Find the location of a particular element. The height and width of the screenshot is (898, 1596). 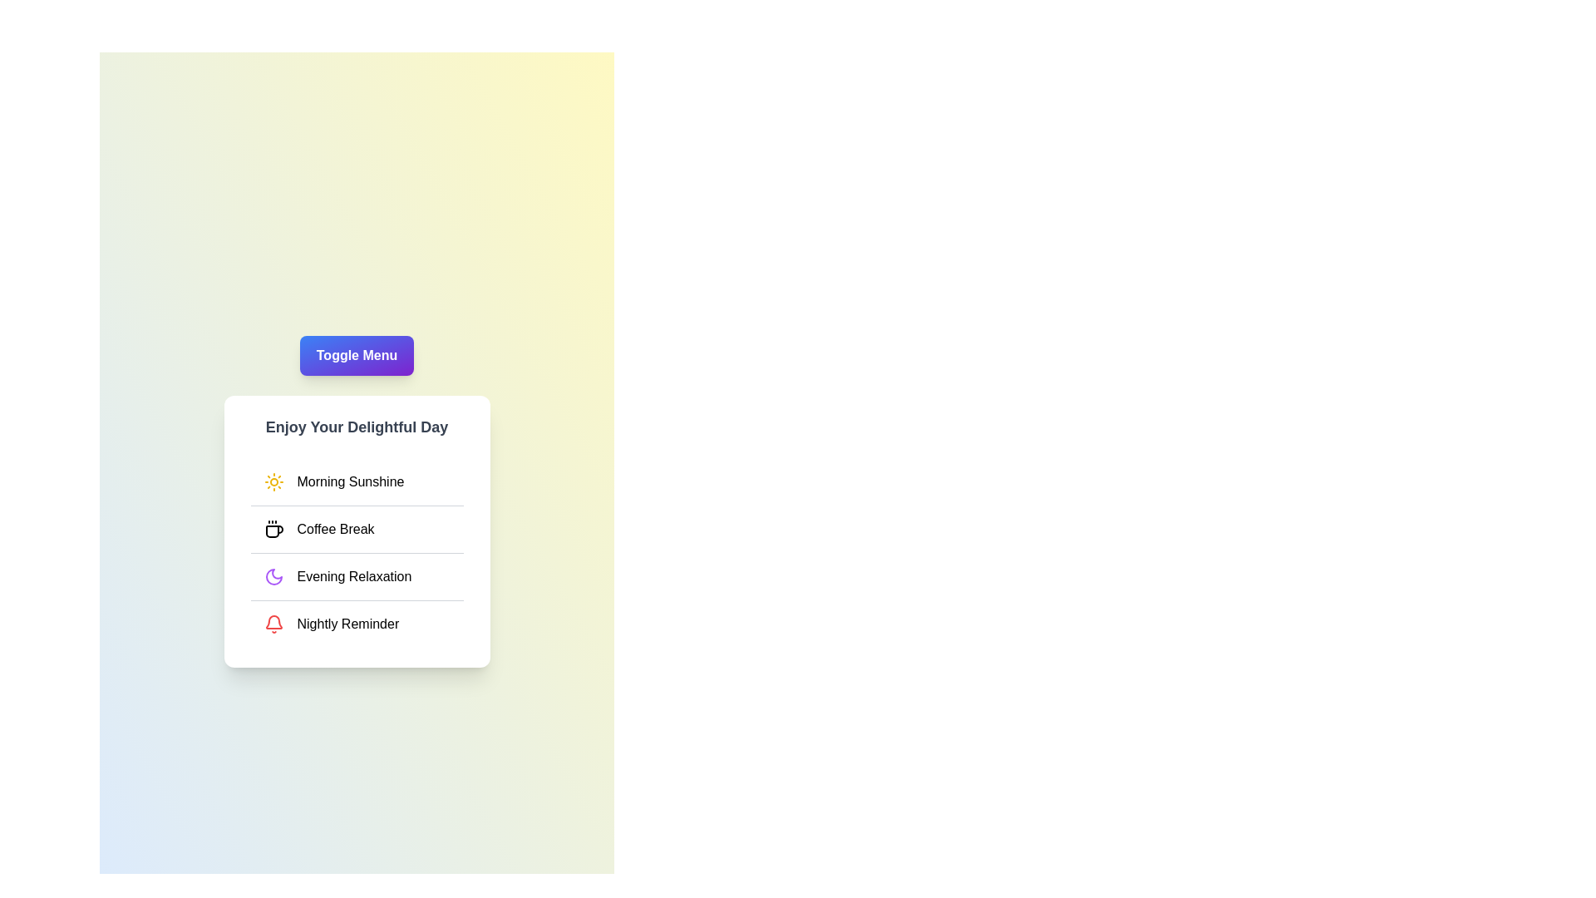

the menu item labeled Evening Relaxation is located at coordinates (356, 575).